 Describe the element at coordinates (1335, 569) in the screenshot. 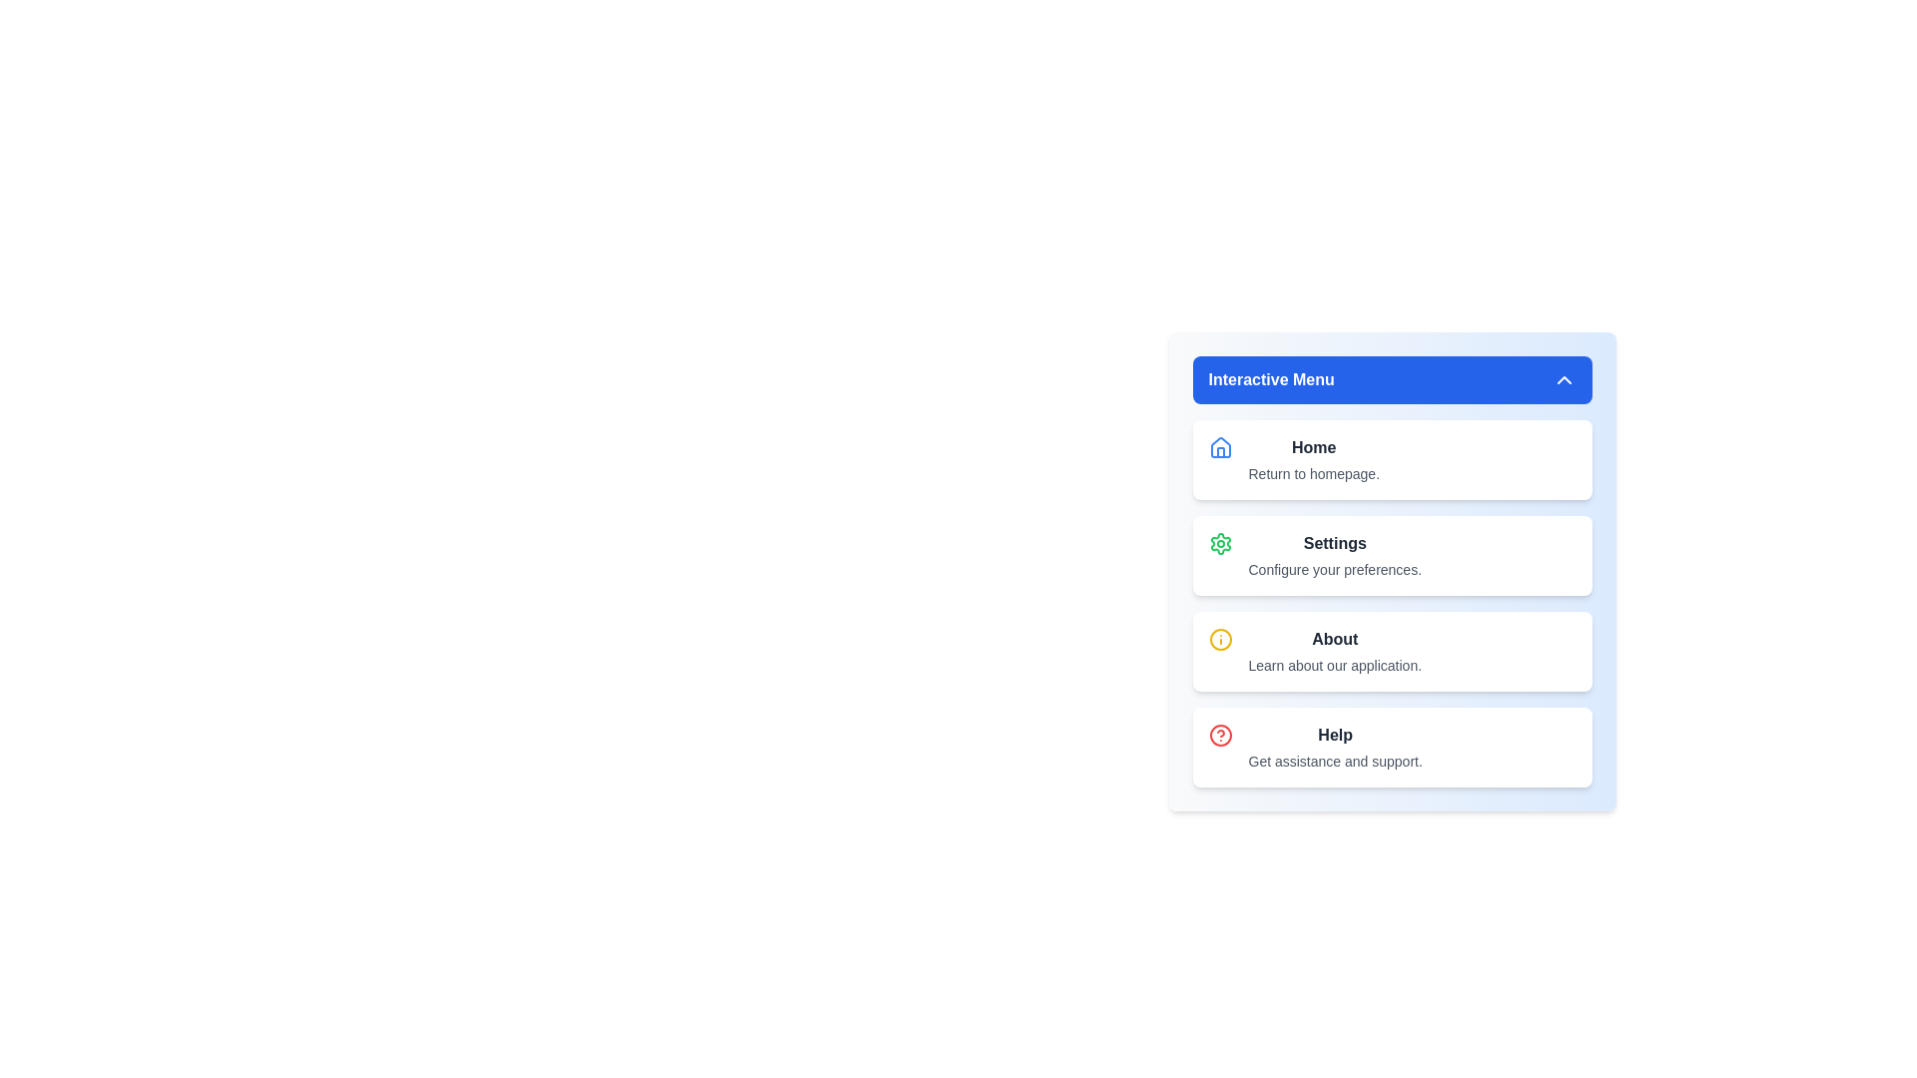

I see `the static text label displaying 'Configure your preferences.' located beneath the 'Settings' title in the settings section` at that location.